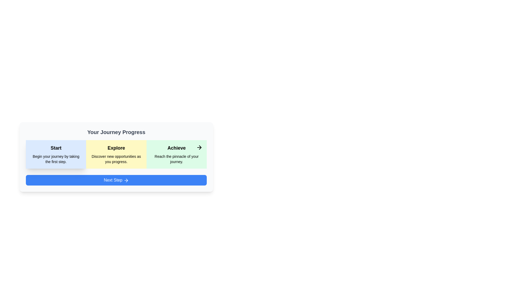 The width and height of the screenshot is (507, 285). What do you see at coordinates (116, 161) in the screenshot?
I see `the Informative card that highlights a phase in a conceptual journey, positioned between 'Start' and 'Achieve'` at bounding box center [116, 161].